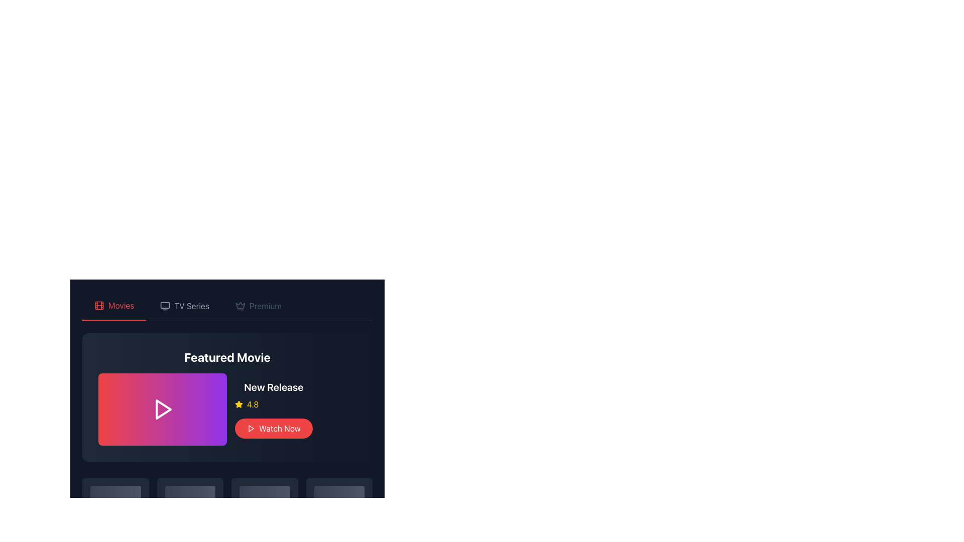 This screenshot has width=964, height=542. What do you see at coordinates (253, 404) in the screenshot?
I see `the numerical rating text '4.8' displayed in yellow and bold font style, located in the bottom left side of the 'Featured Movie' section, adjacent to a yellow star icon` at bounding box center [253, 404].